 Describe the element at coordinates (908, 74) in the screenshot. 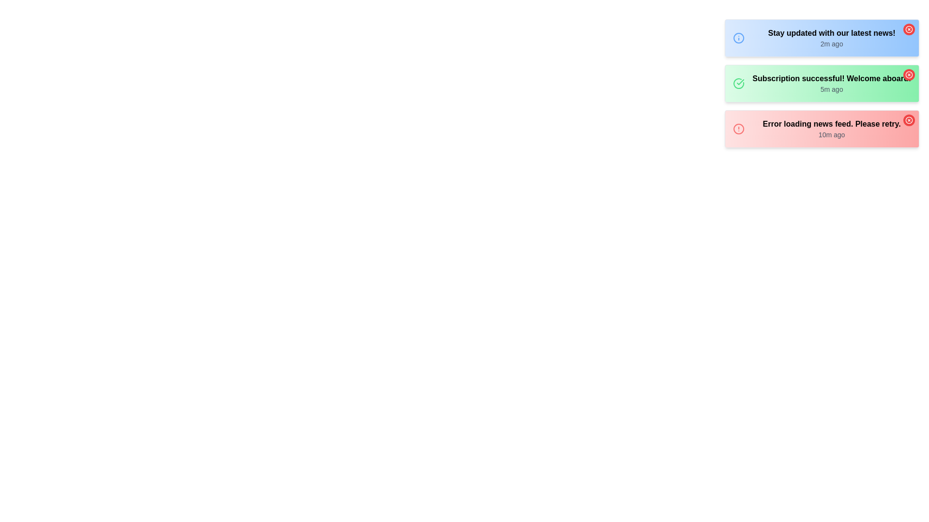

I see `the close icon button, which is a small red circular button with a cross inside, located at the top-right corner of the 'Subscription successful! Welcome aboard!' notification card` at that location.